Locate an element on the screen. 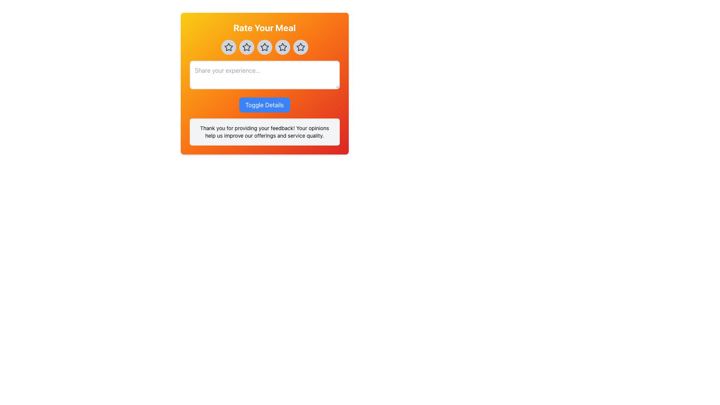  the star icon in the Rating Component (Stars) is located at coordinates (264, 47).